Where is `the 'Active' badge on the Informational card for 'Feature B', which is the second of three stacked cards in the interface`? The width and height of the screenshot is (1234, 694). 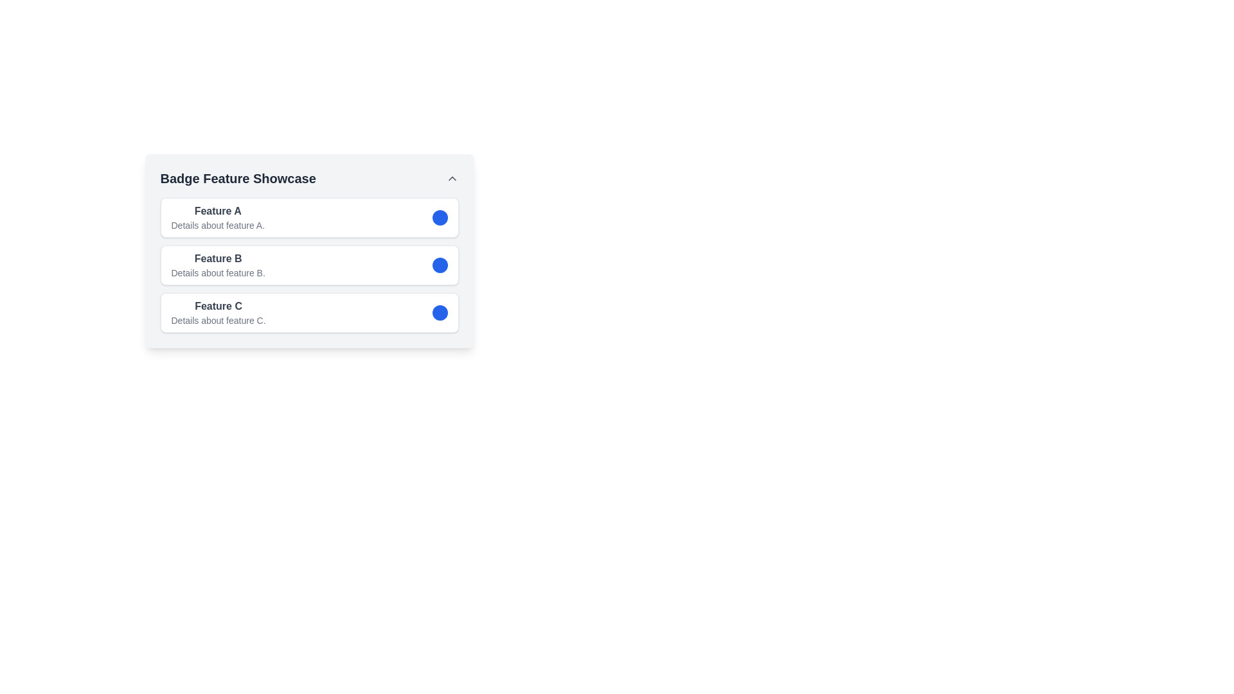 the 'Active' badge on the Informational card for 'Feature B', which is the second of three stacked cards in the interface is located at coordinates (309, 251).